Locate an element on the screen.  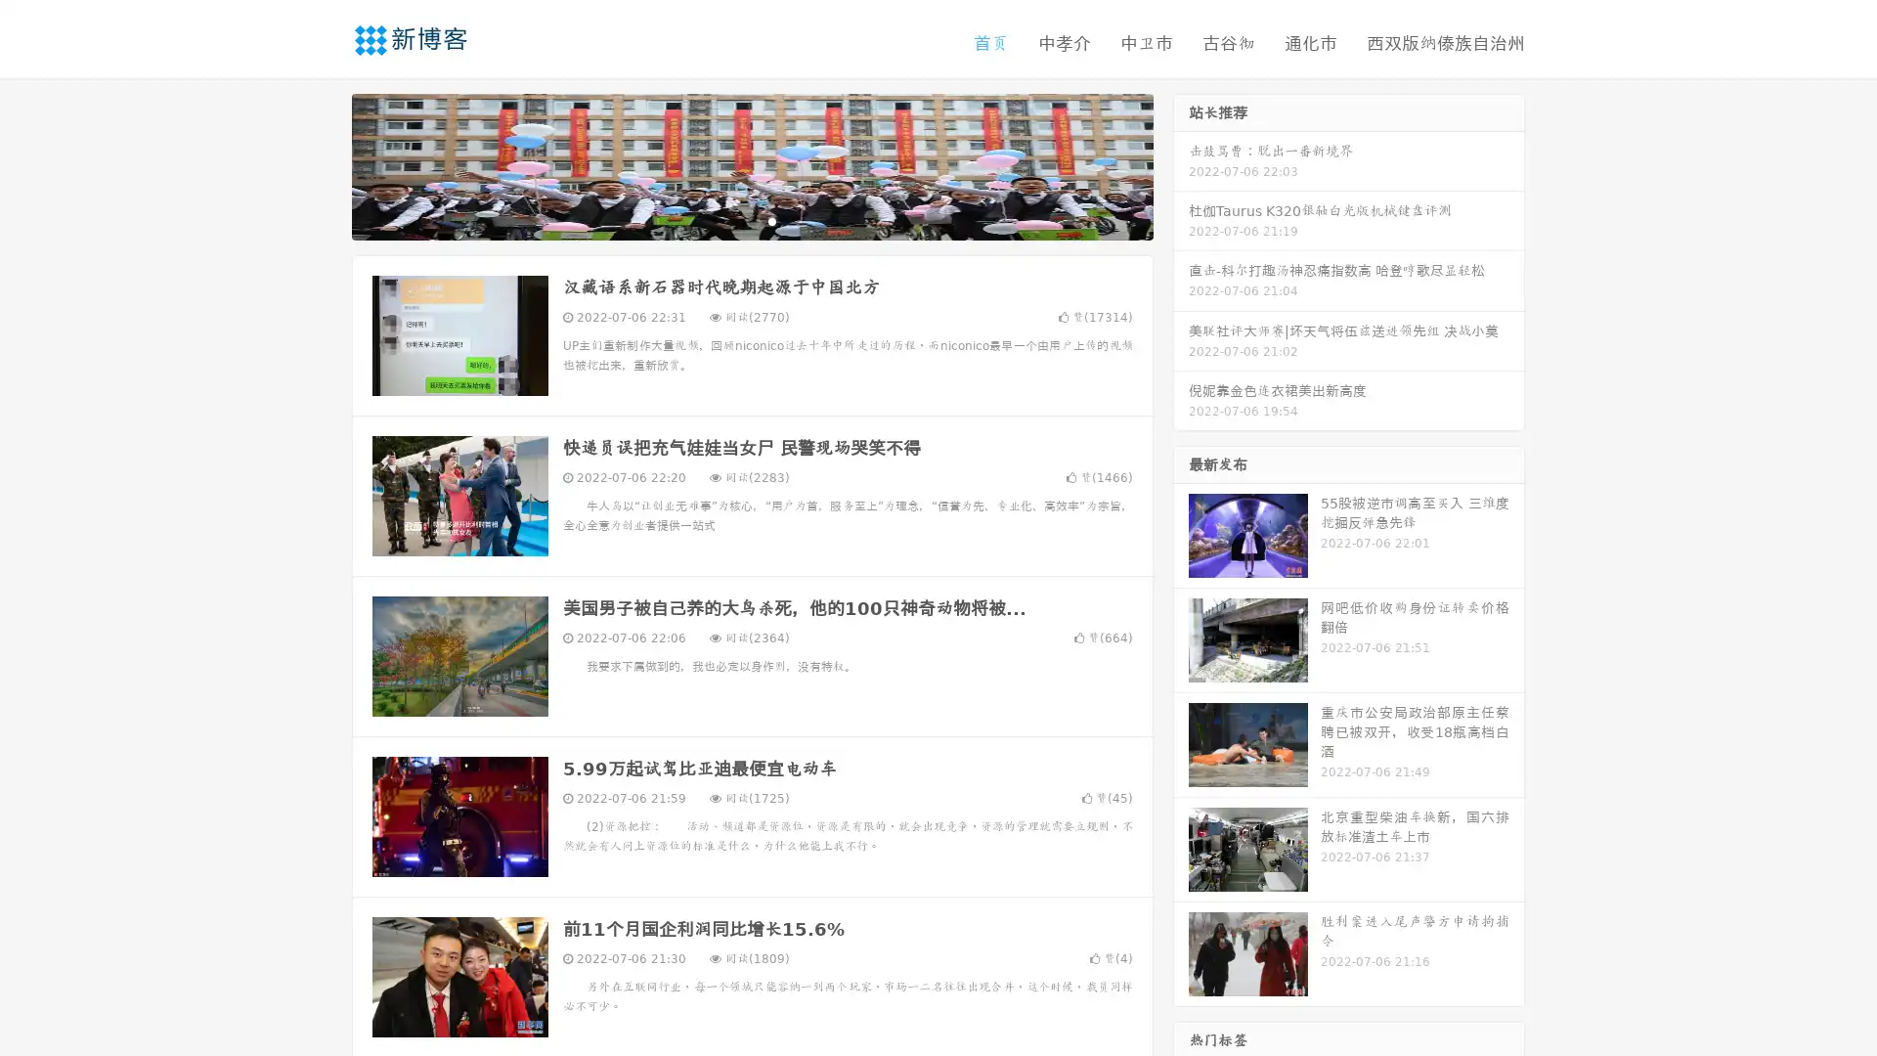
Go to slide 3 is located at coordinates (771, 220).